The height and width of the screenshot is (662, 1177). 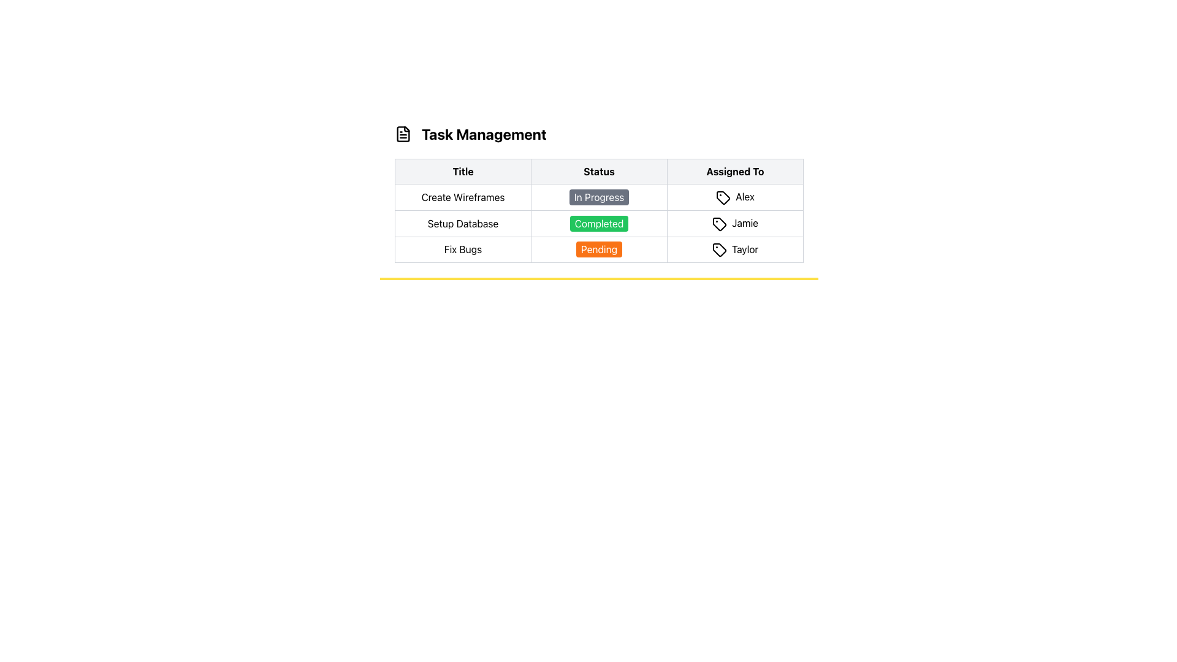 I want to click on the third column header Text Label in the table that labels individuals assigned to specific tasks, so click(x=735, y=172).